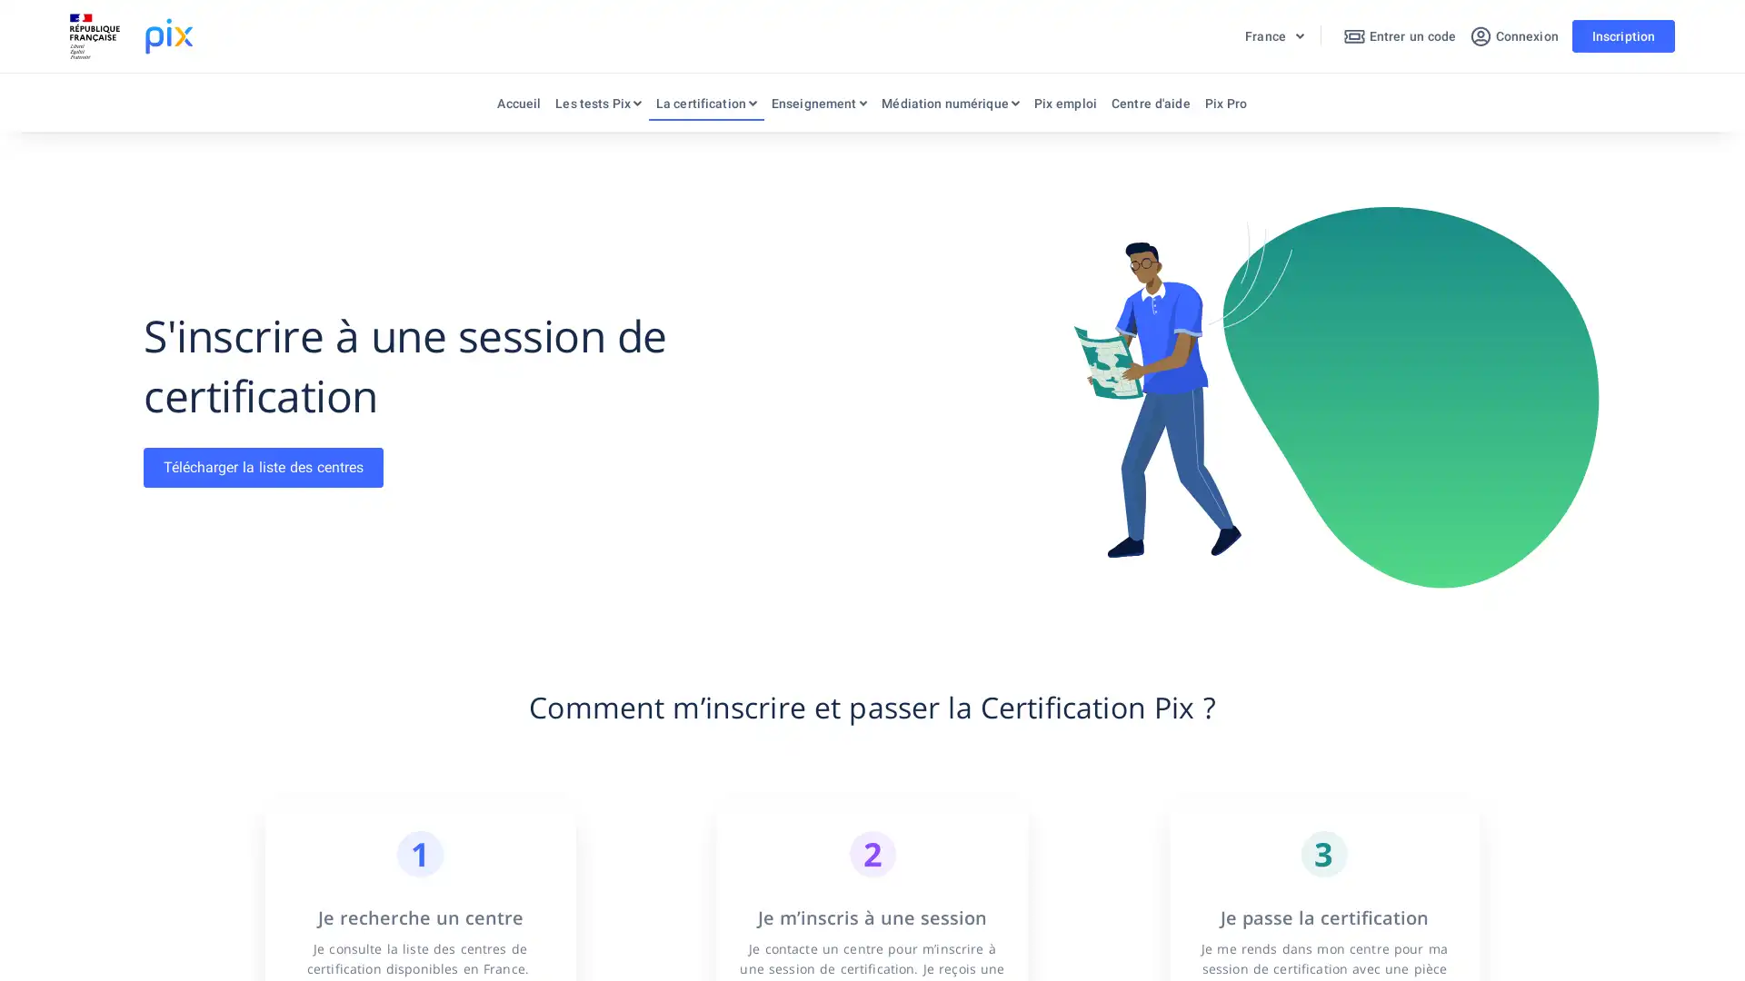  What do you see at coordinates (818, 107) in the screenshot?
I see `Enseignement` at bounding box center [818, 107].